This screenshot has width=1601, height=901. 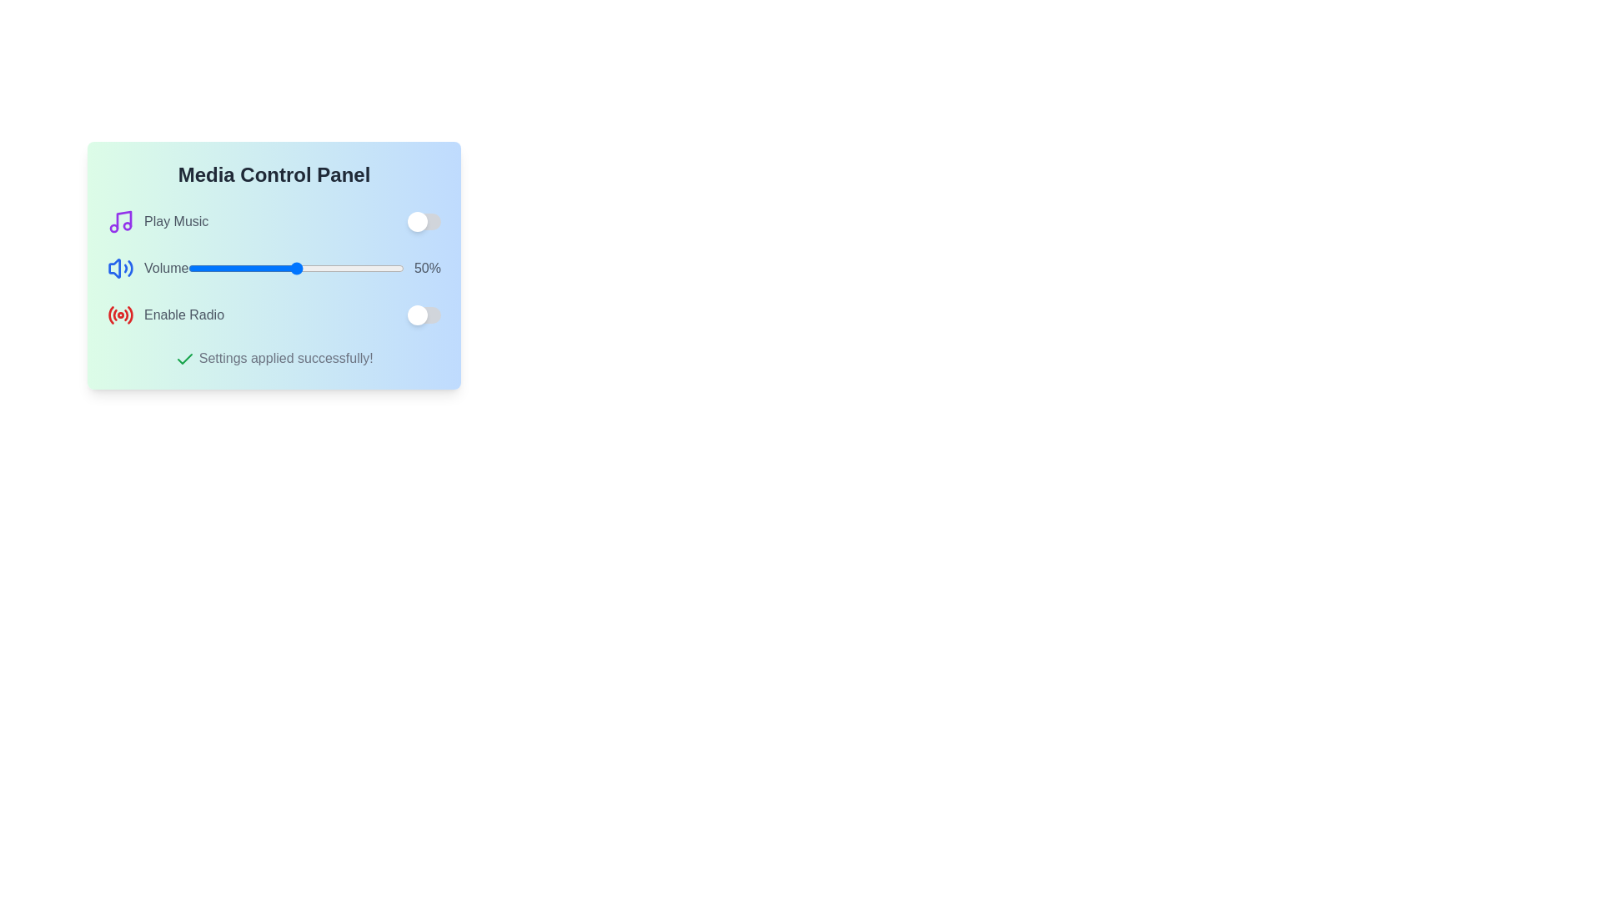 What do you see at coordinates (296, 267) in the screenshot?
I see `the horizontal slider labeled 'Volume' with a blue knob and a percentage value of '50%' for additional context` at bounding box center [296, 267].